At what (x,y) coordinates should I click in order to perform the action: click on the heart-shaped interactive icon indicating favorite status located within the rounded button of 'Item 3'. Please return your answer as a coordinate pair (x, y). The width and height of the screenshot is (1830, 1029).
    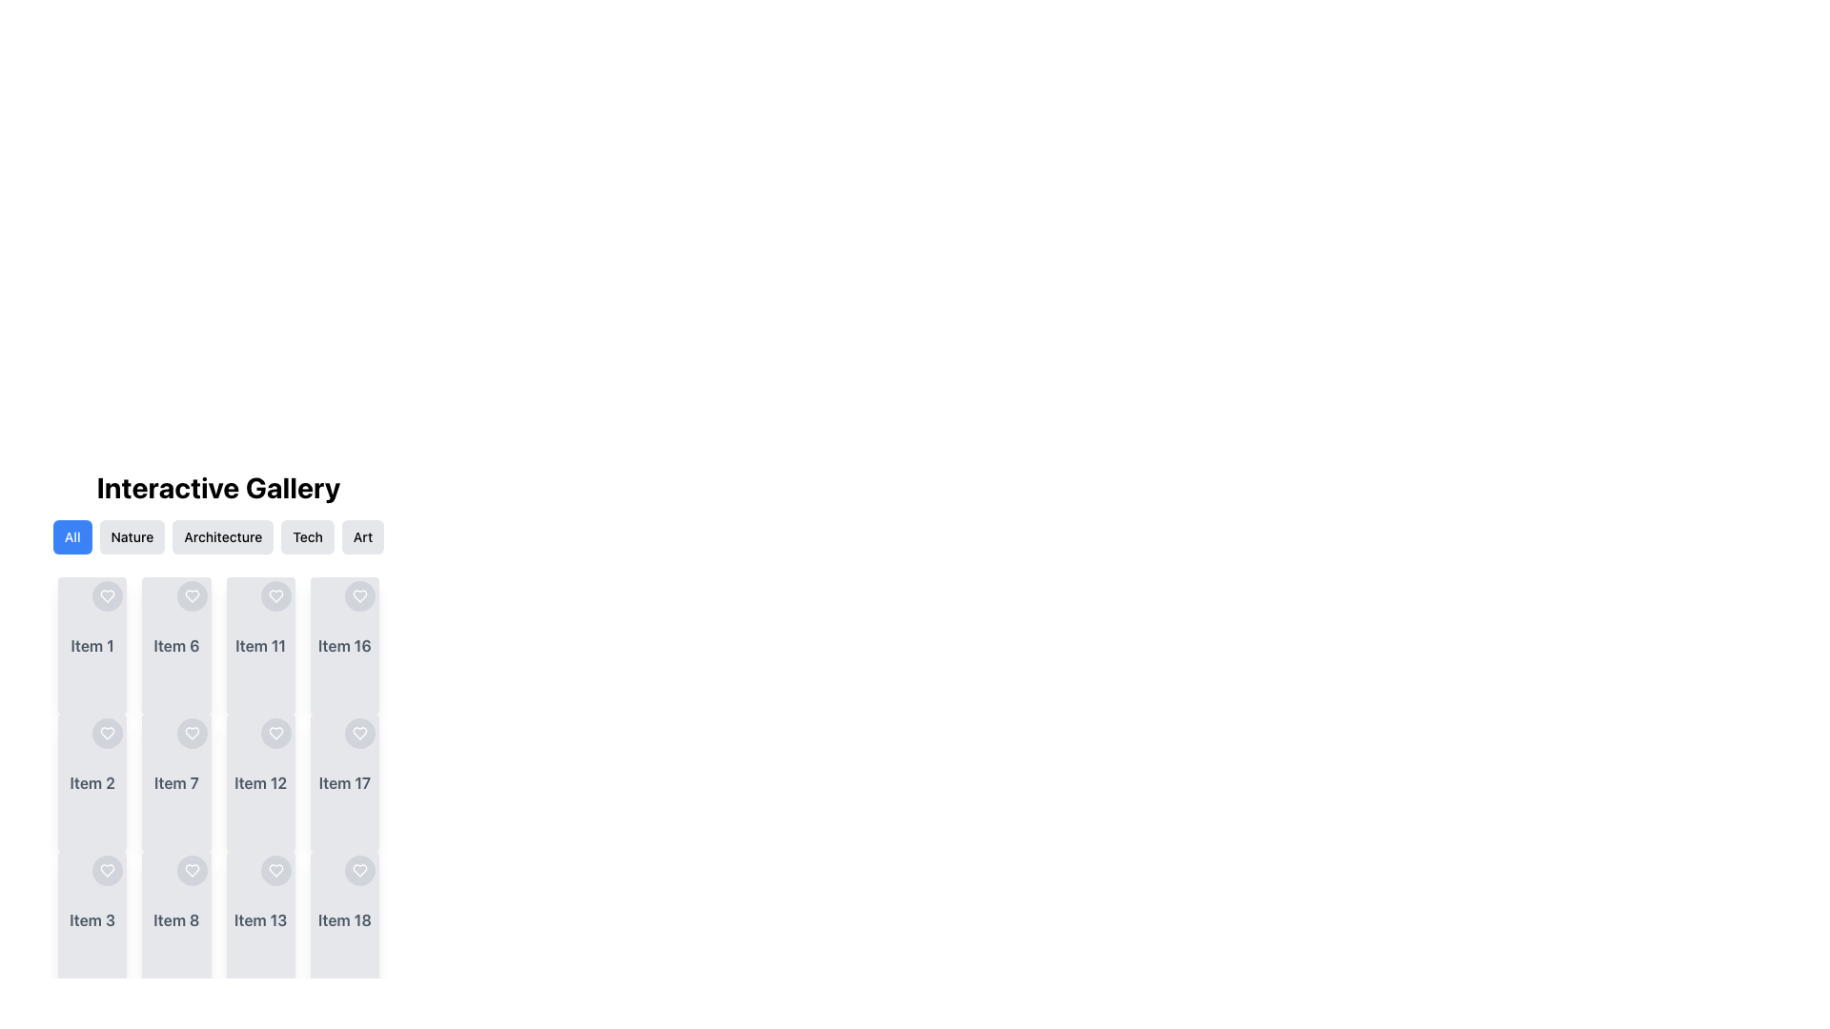
    Looking at the image, I should click on (107, 871).